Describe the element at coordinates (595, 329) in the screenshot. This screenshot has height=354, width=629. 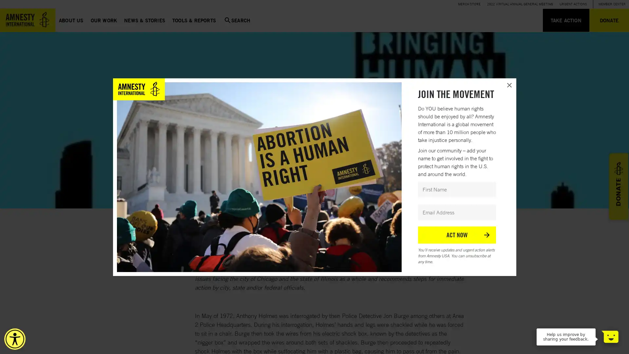
I see `Dismiss Message` at that location.